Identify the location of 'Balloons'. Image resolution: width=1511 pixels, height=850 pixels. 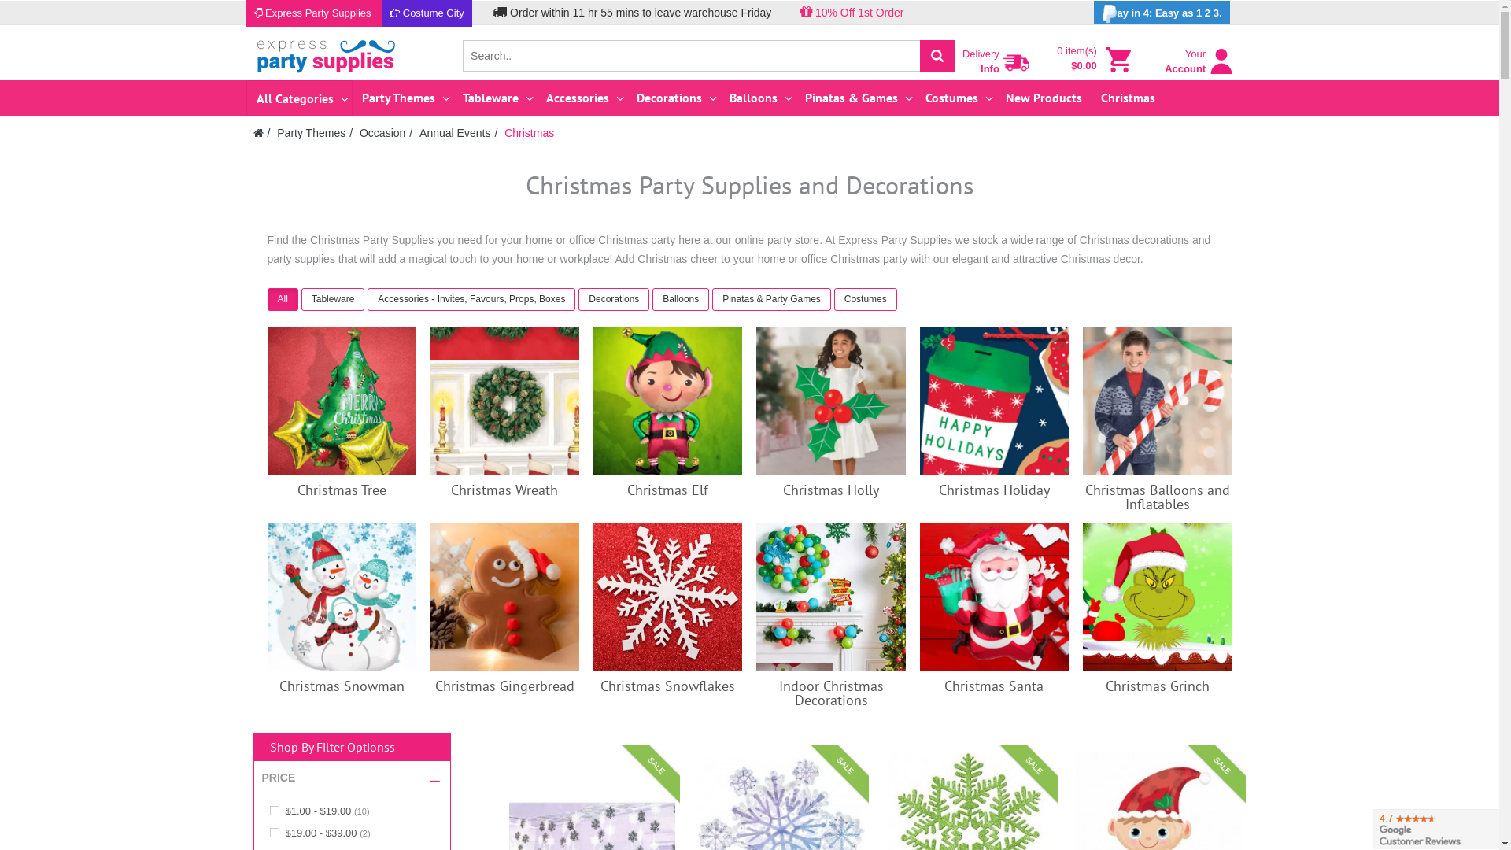
(682, 300).